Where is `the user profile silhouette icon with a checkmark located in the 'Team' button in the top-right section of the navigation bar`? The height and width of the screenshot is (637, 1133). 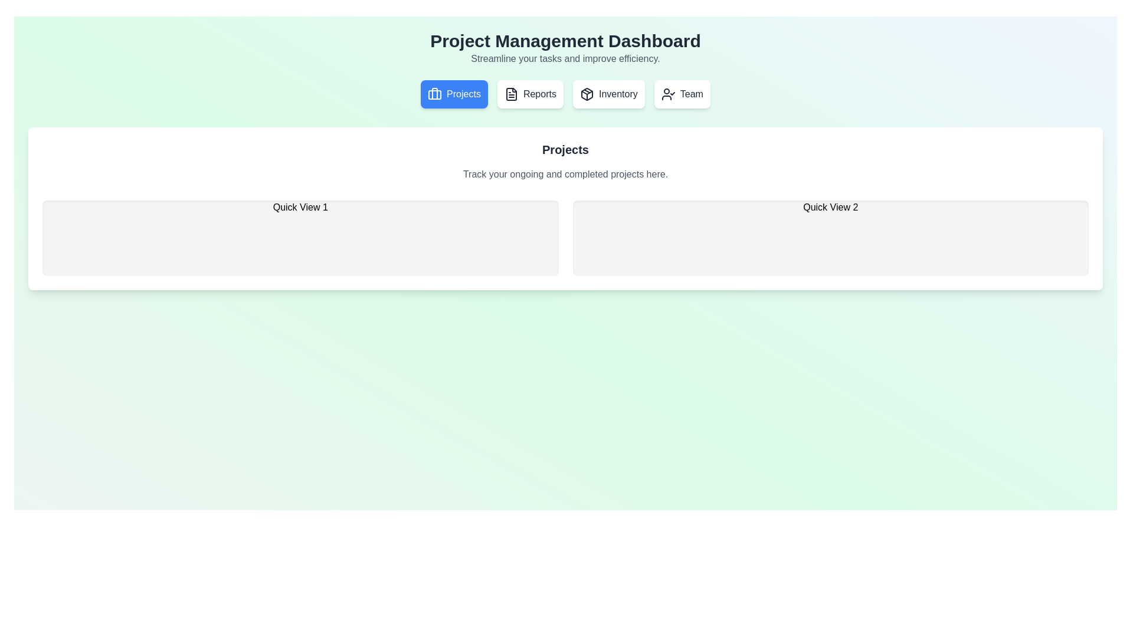
the user profile silhouette icon with a checkmark located in the 'Team' button in the top-right section of the navigation bar is located at coordinates (668, 93).